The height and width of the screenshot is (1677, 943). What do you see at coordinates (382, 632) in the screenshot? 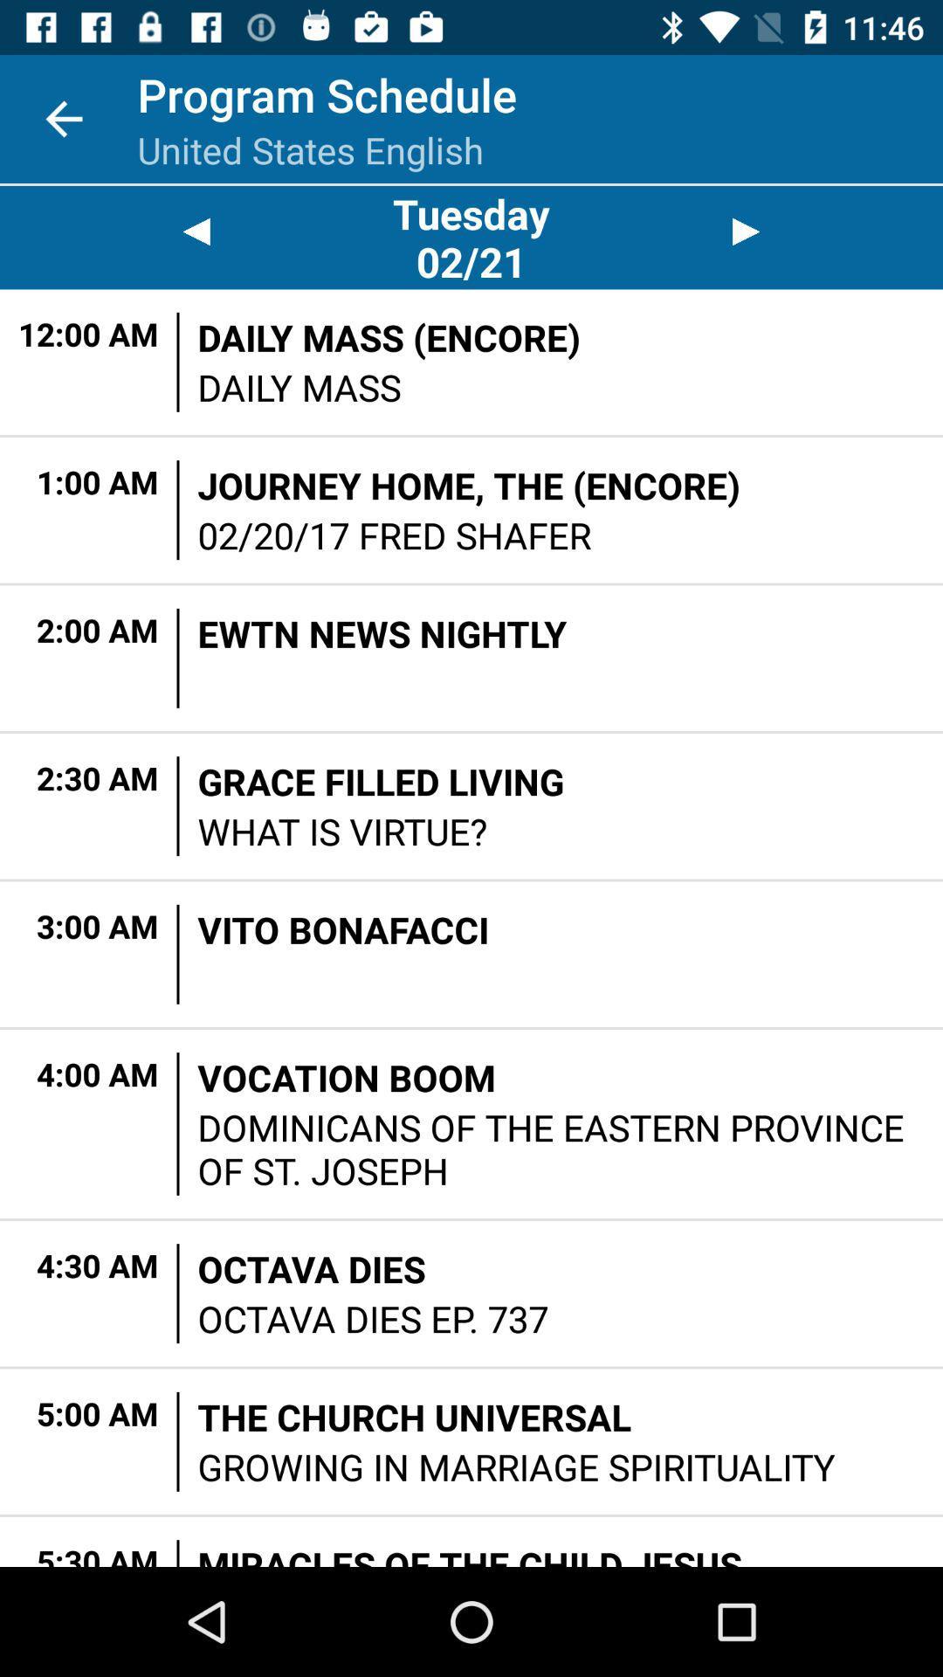
I see `the ewtn news nightly` at bounding box center [382, 632].